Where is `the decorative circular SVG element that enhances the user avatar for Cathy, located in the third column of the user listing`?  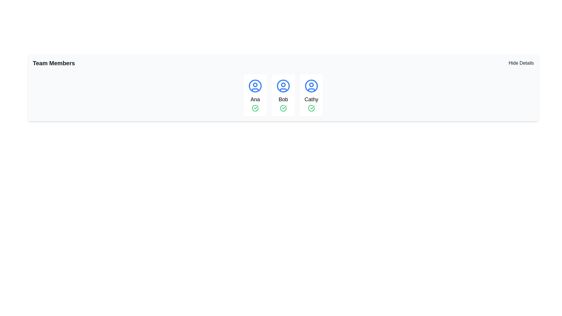 the decorative circular SVG element that enhances the user avatar for Cathy, located in the third column of the user listing is located at coordinates (311, 86).